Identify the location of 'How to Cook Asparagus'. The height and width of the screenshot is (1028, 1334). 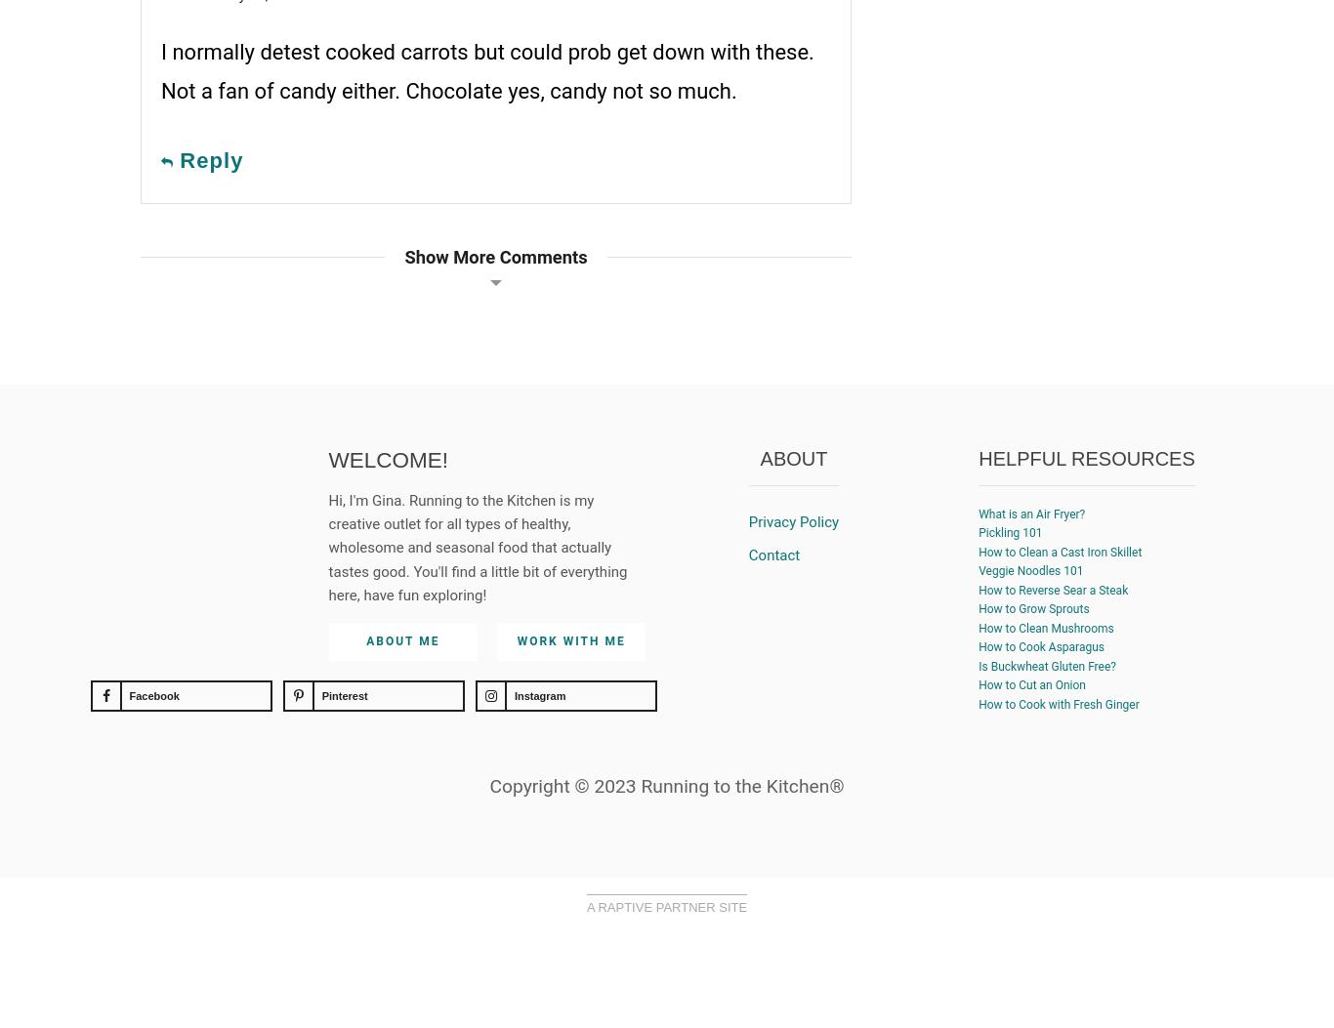
(1040, 645).